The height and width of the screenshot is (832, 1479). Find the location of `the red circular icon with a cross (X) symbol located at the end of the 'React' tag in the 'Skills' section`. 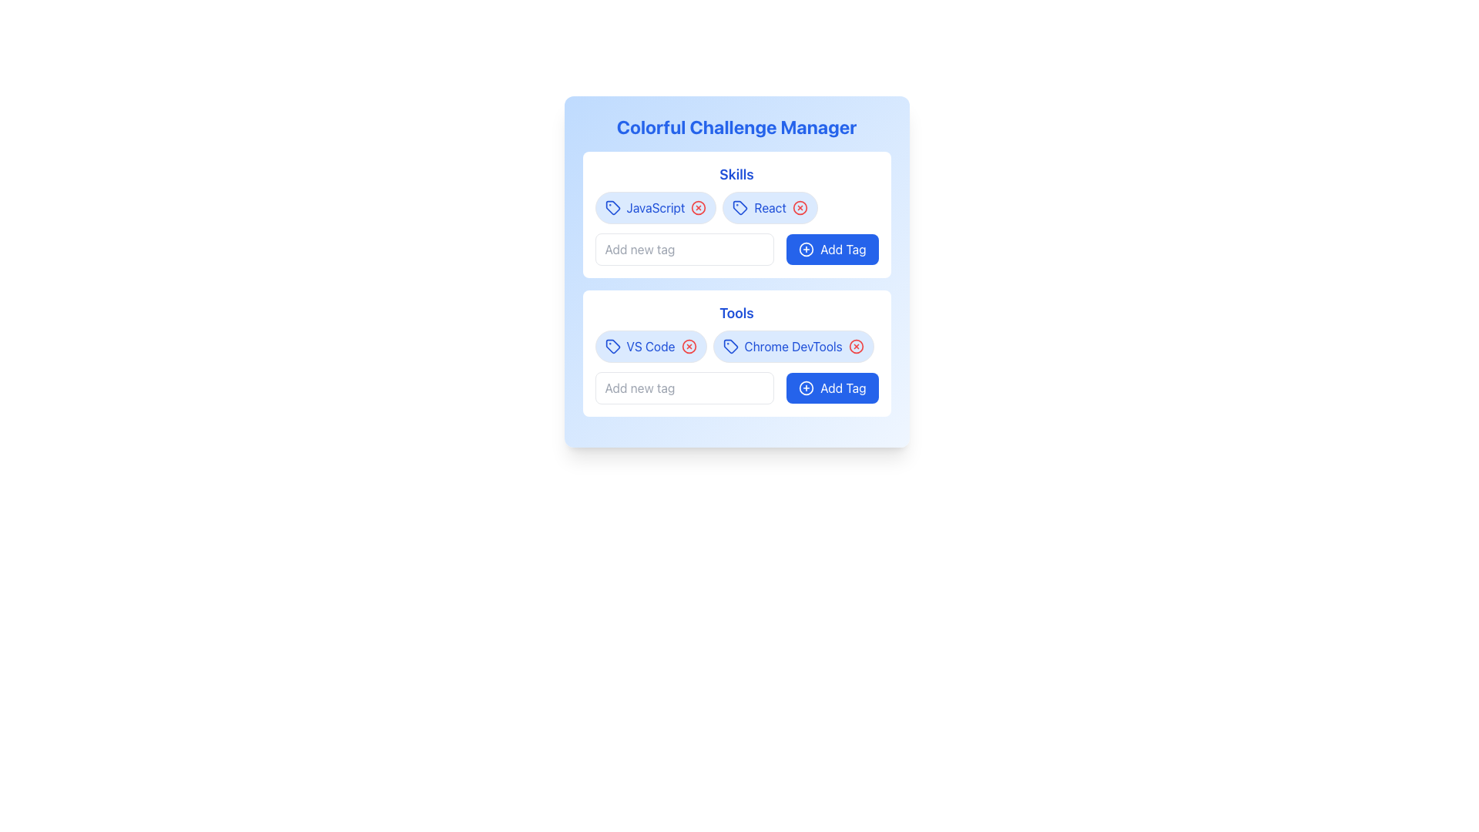

the red circular icon with a cross (X) symbol located at the end of the 'React' tag in the 'Skills' section is located at coordinates (800, 208).